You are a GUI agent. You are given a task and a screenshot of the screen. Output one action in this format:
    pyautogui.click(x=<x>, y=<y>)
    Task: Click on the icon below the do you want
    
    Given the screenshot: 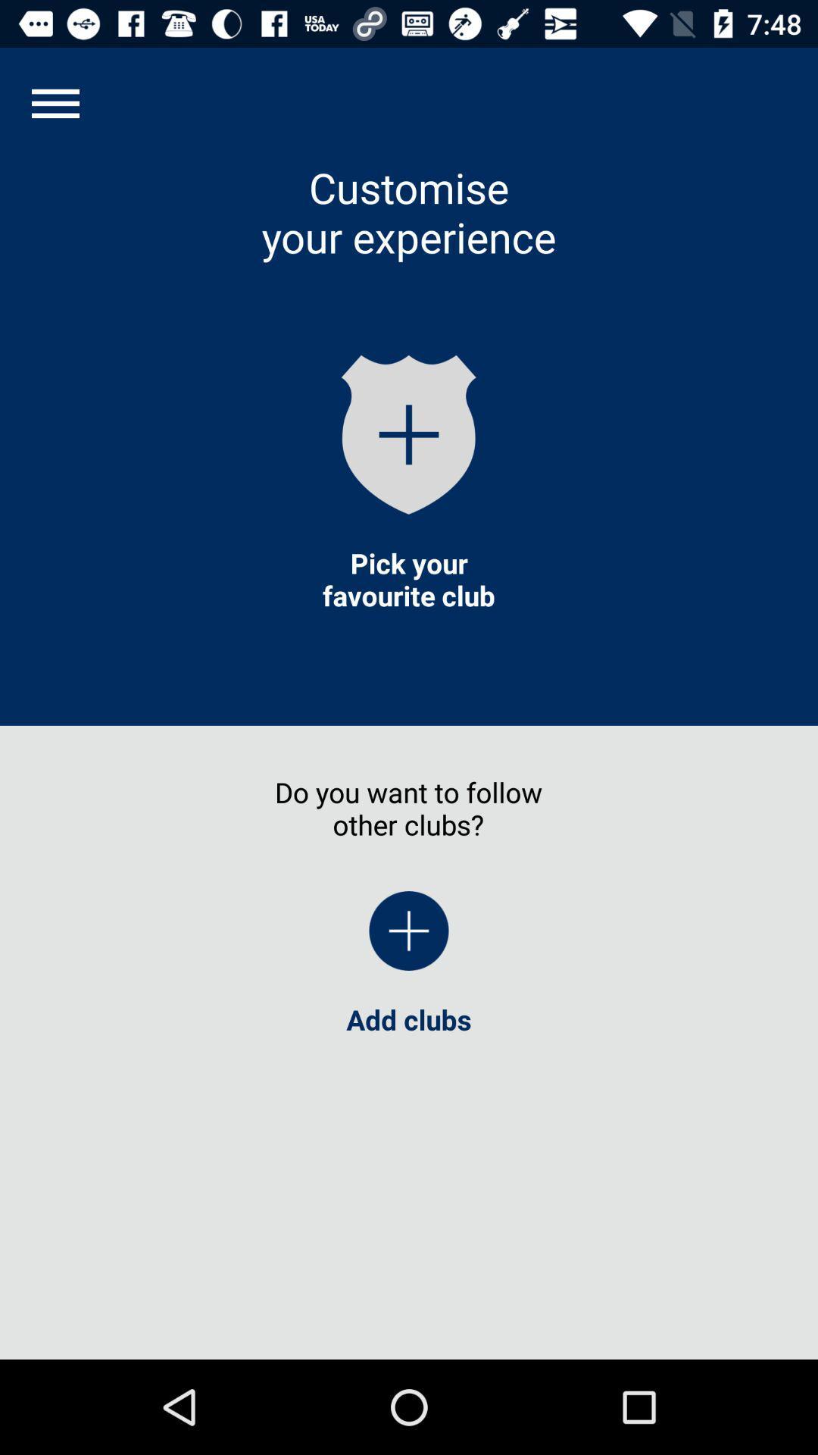 What is the action you would take?
    pyautogui.click(x=409, y=930)
    